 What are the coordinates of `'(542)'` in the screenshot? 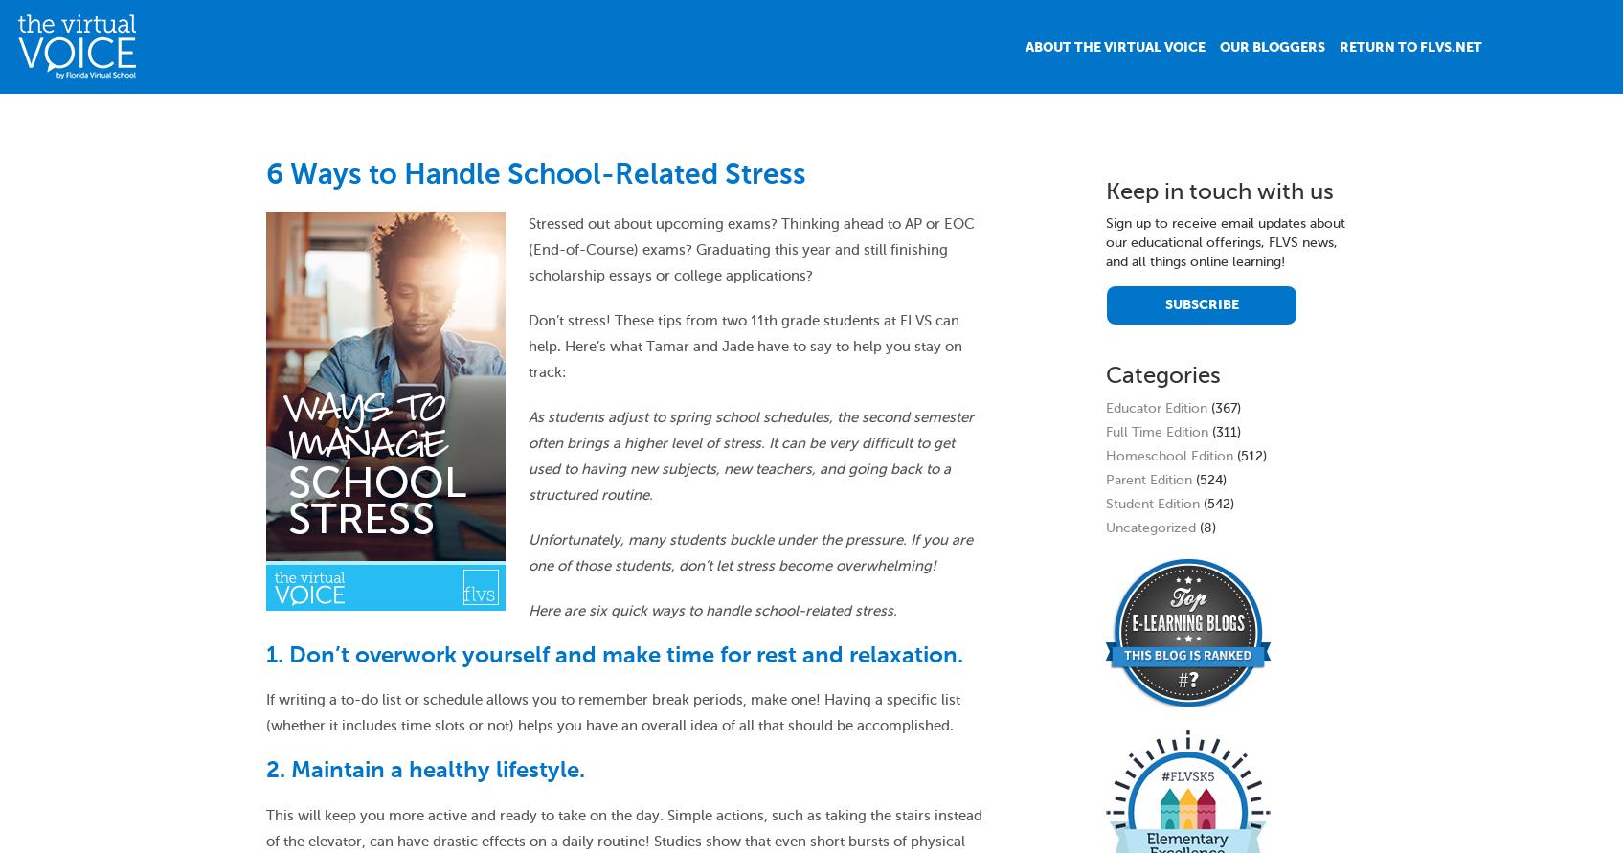 It's located at (1216, 502).